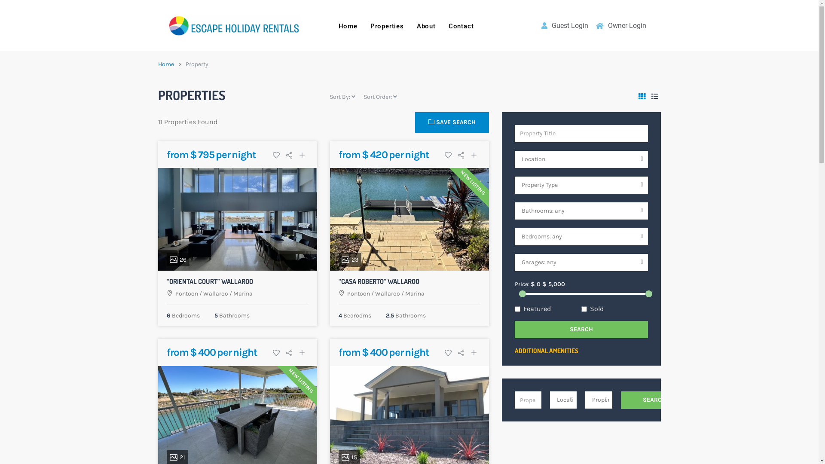 The width and height of the screenshot is (825, 464). I want to click on 'Sort Order:', so click(379, 97).